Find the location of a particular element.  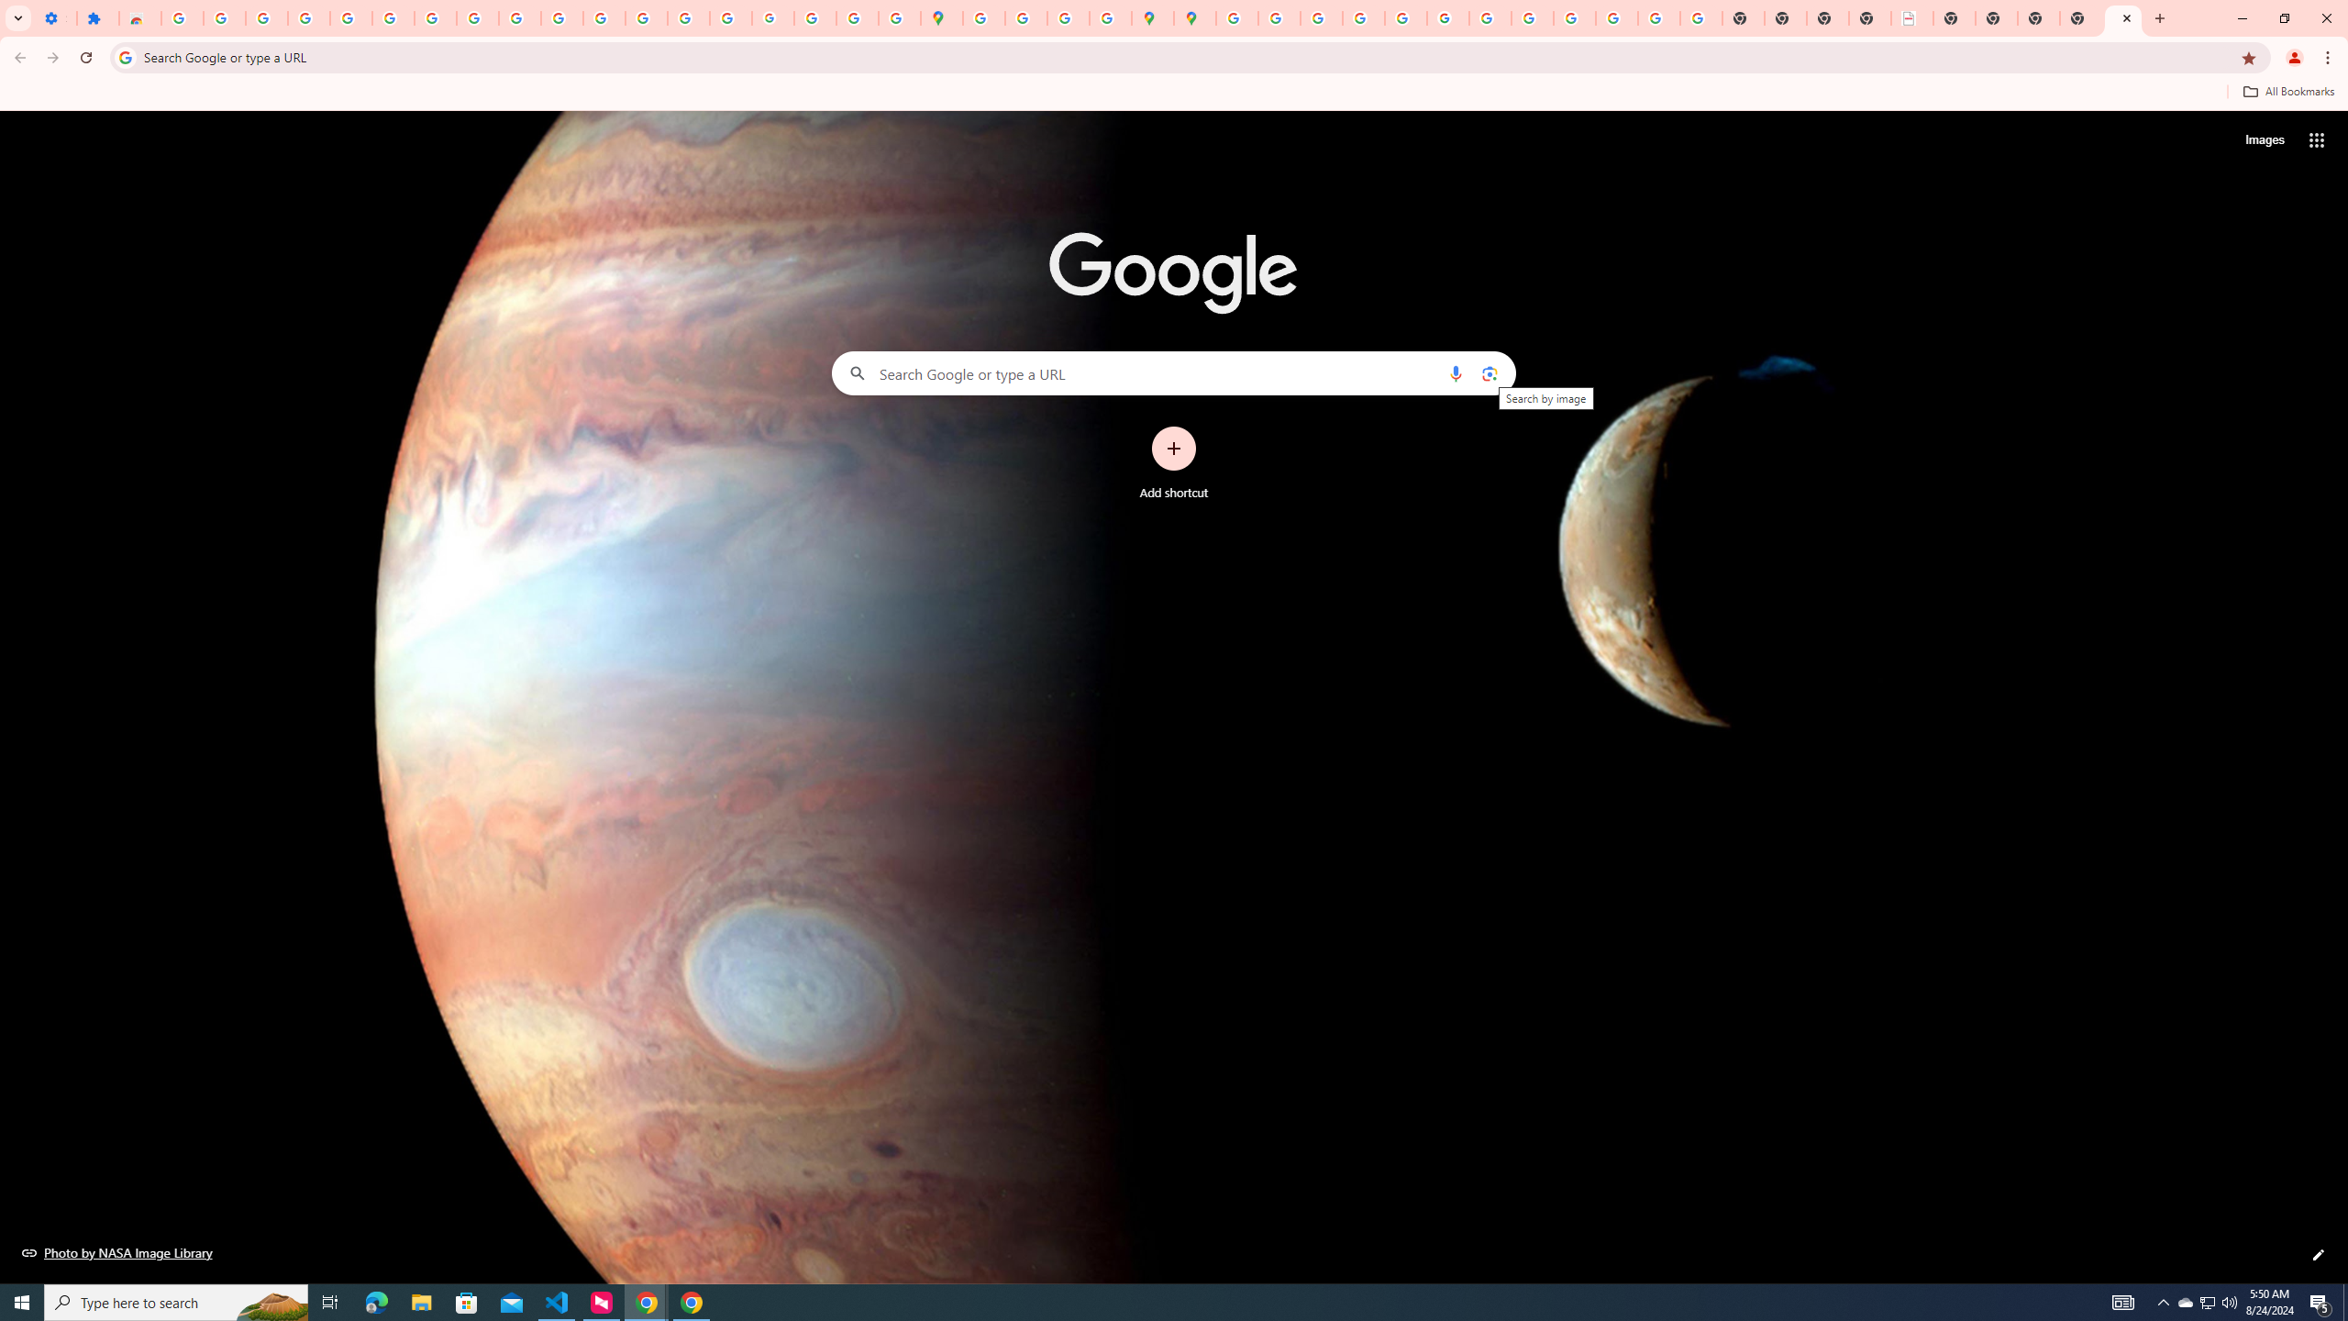

'Add shortcut' is located at coordinates (1174, 463).